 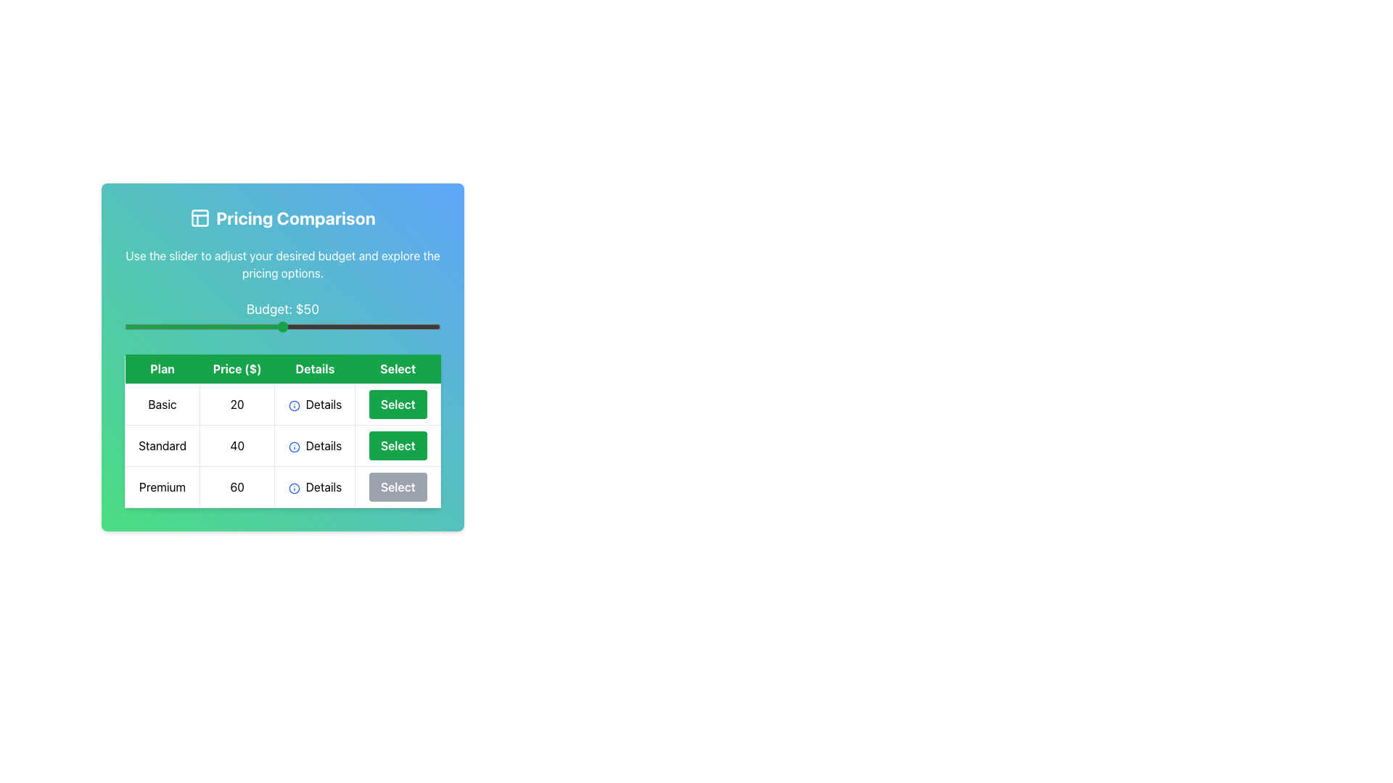 I want to click on the 'Details' interactive text with an information icon in the 'Standard' row of the pricing table, so click(x=282, y=444).